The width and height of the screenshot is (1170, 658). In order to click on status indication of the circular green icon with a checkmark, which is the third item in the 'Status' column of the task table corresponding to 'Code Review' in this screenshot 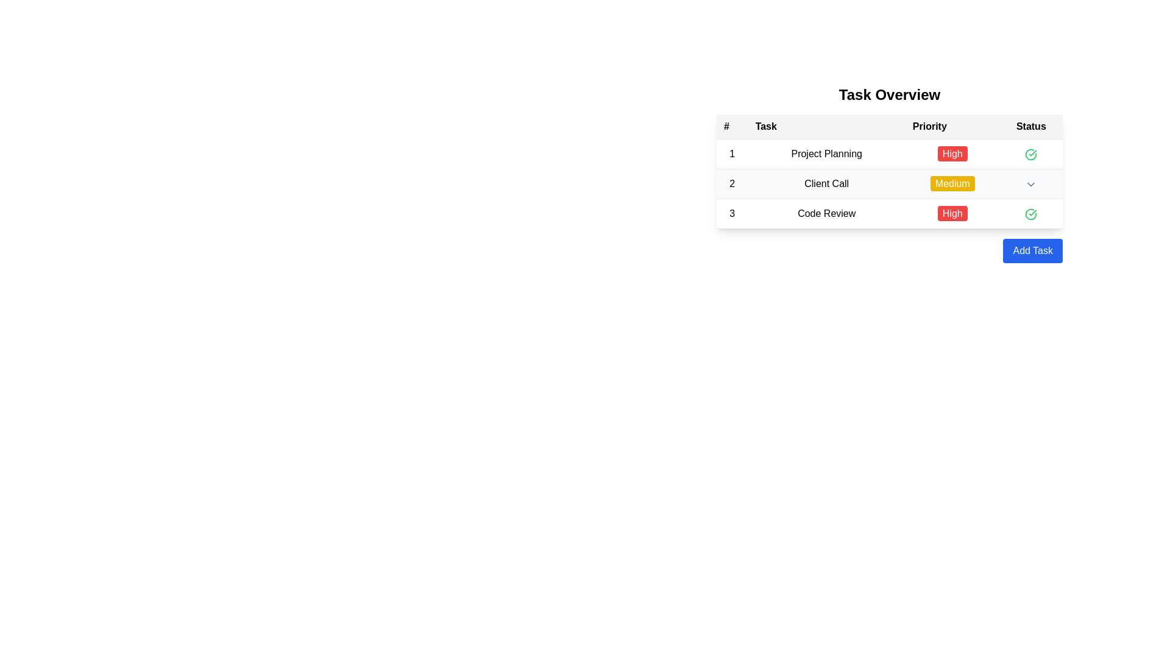, I will do `click(1030, 154)`.